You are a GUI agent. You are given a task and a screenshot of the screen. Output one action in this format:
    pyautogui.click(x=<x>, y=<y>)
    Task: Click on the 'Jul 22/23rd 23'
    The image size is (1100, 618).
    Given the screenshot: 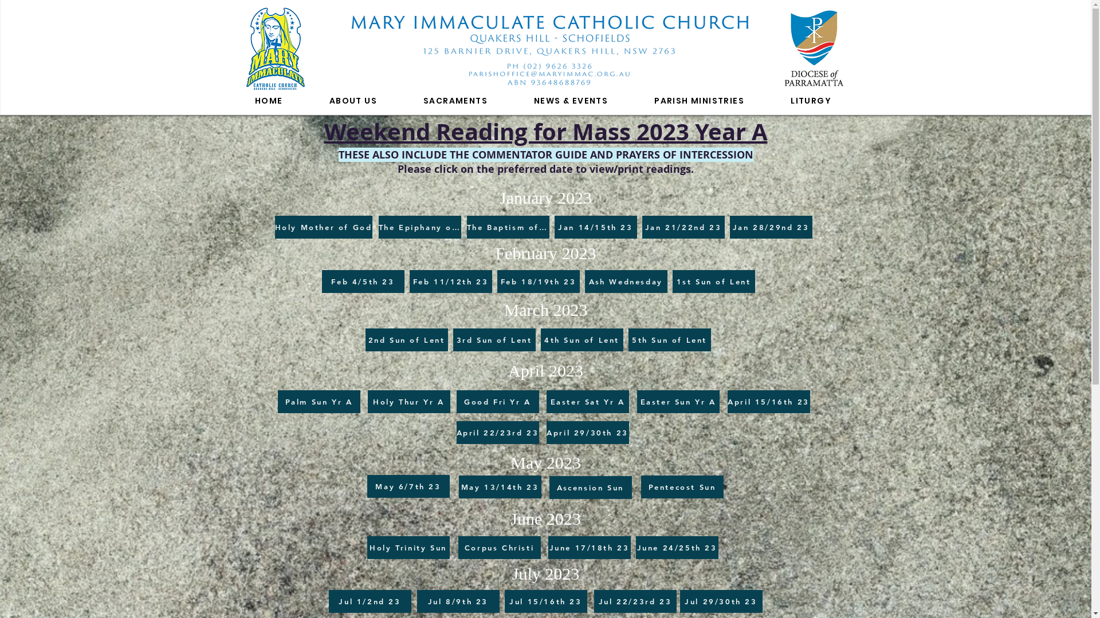 What is the action you would take?
    pyautogui.click(x=634, y=600)
    